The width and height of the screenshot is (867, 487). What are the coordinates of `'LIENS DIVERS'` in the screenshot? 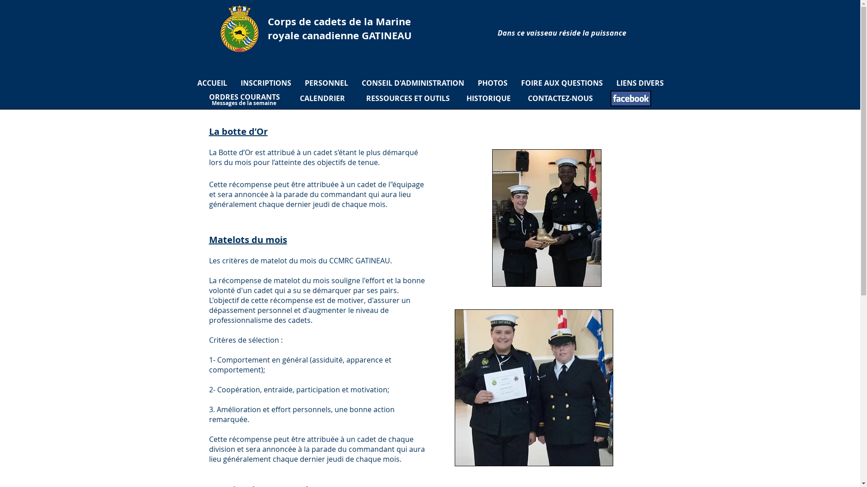 It's located at (639, 83).